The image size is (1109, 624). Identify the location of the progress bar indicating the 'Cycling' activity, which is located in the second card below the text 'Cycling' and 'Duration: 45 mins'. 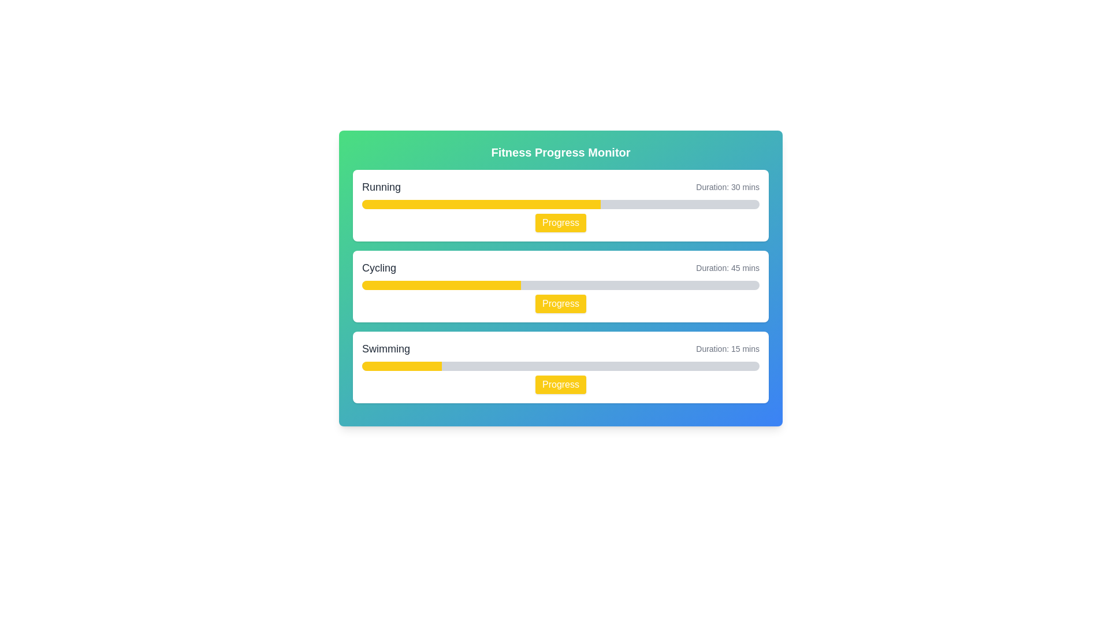
(560, 285).